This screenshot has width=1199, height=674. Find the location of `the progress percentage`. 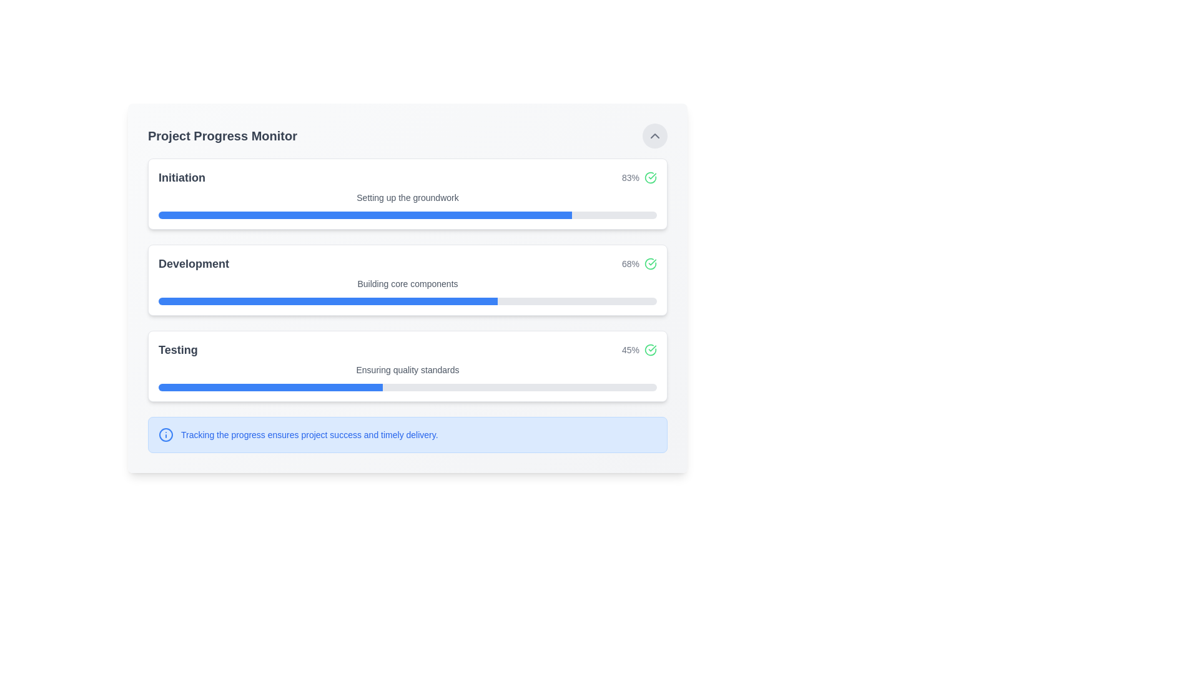

the progress percentage is located at coordinates (459, 301).